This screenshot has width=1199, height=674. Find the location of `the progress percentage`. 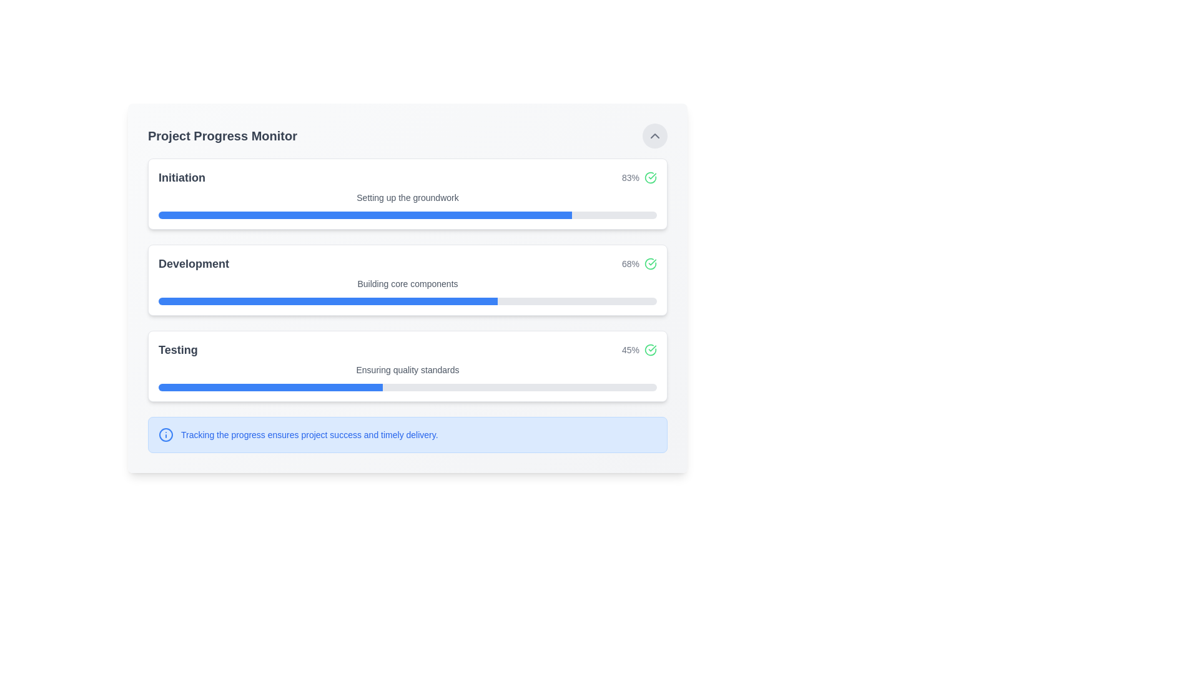

the progress percentage is located at coordinates (459, 301).